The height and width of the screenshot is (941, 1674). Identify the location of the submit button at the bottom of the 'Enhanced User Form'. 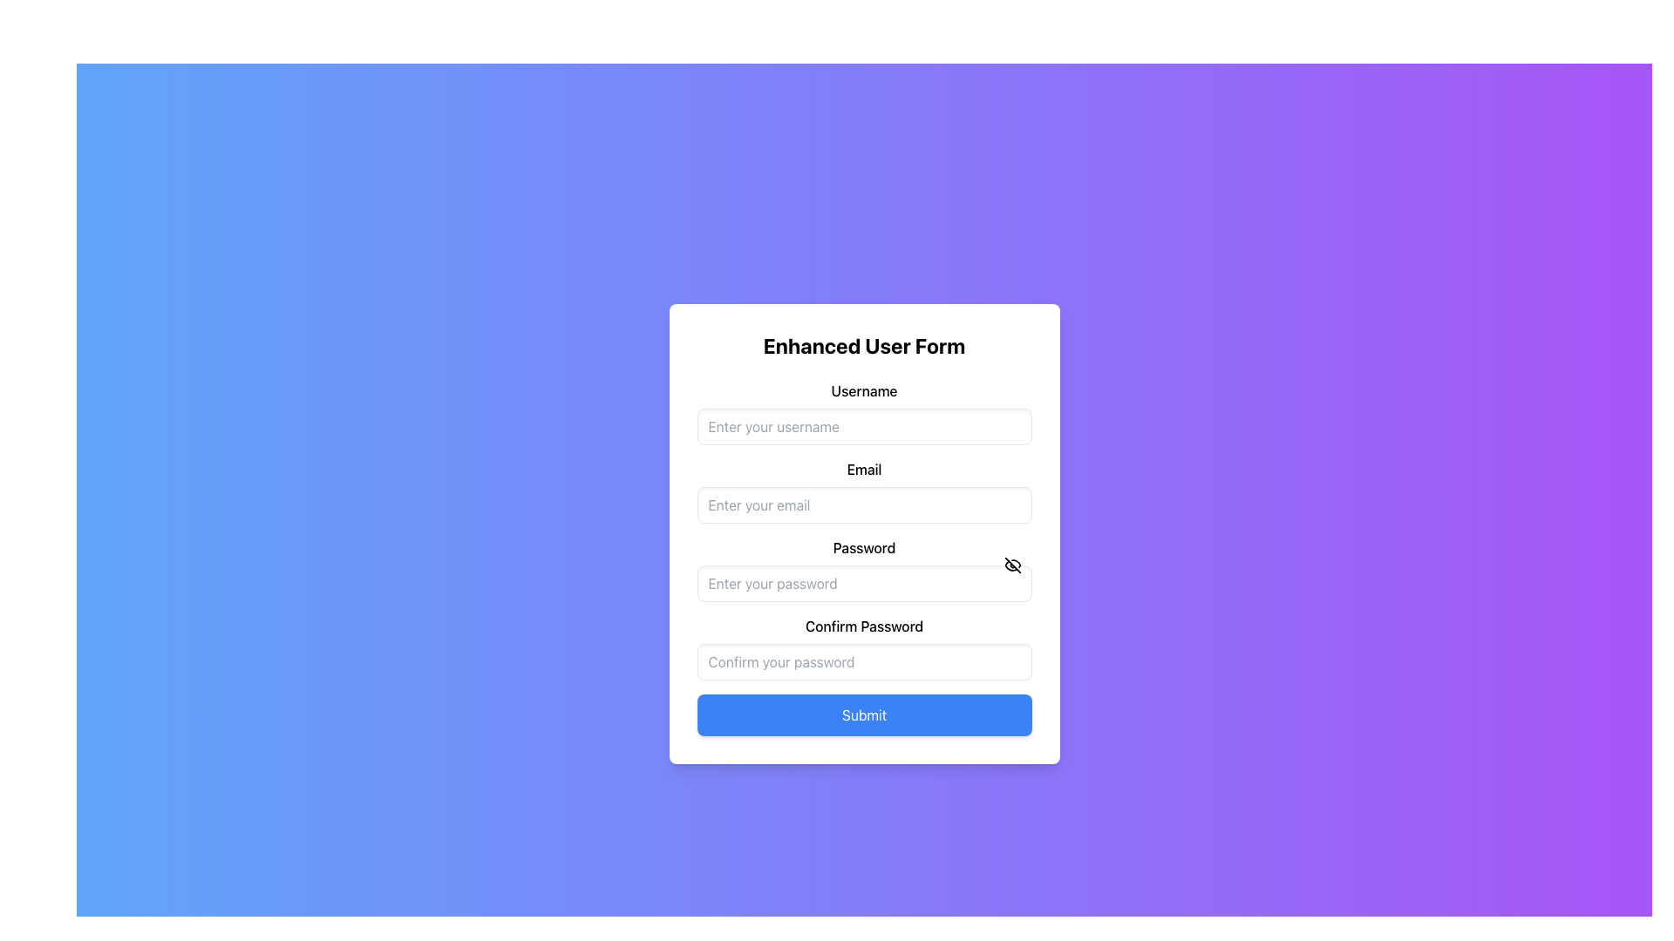
(864, 715).